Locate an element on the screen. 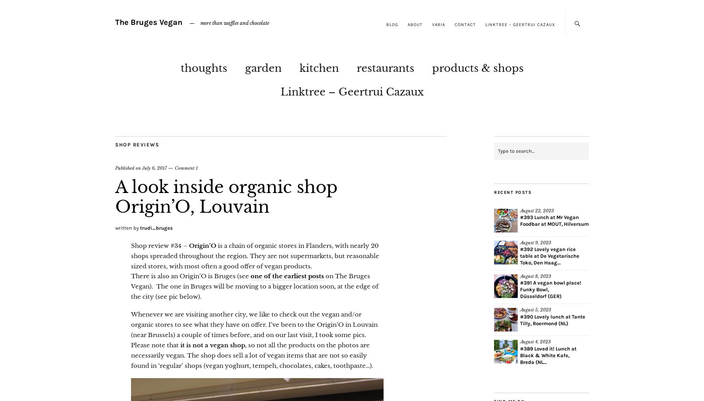 The height and width of the screenshot is (401, 704). 'Blog' is located at coordinates (392, 24).